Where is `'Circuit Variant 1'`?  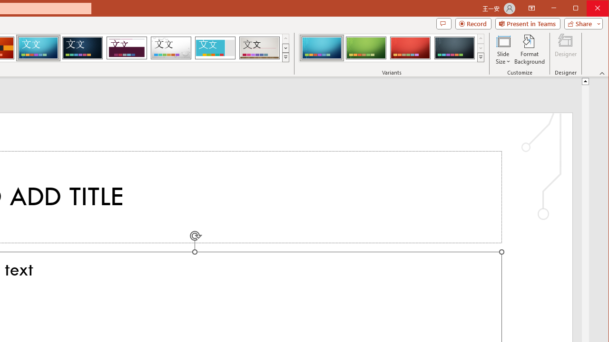 'Circuit Variant 1' is located at coordinates (322, 47).